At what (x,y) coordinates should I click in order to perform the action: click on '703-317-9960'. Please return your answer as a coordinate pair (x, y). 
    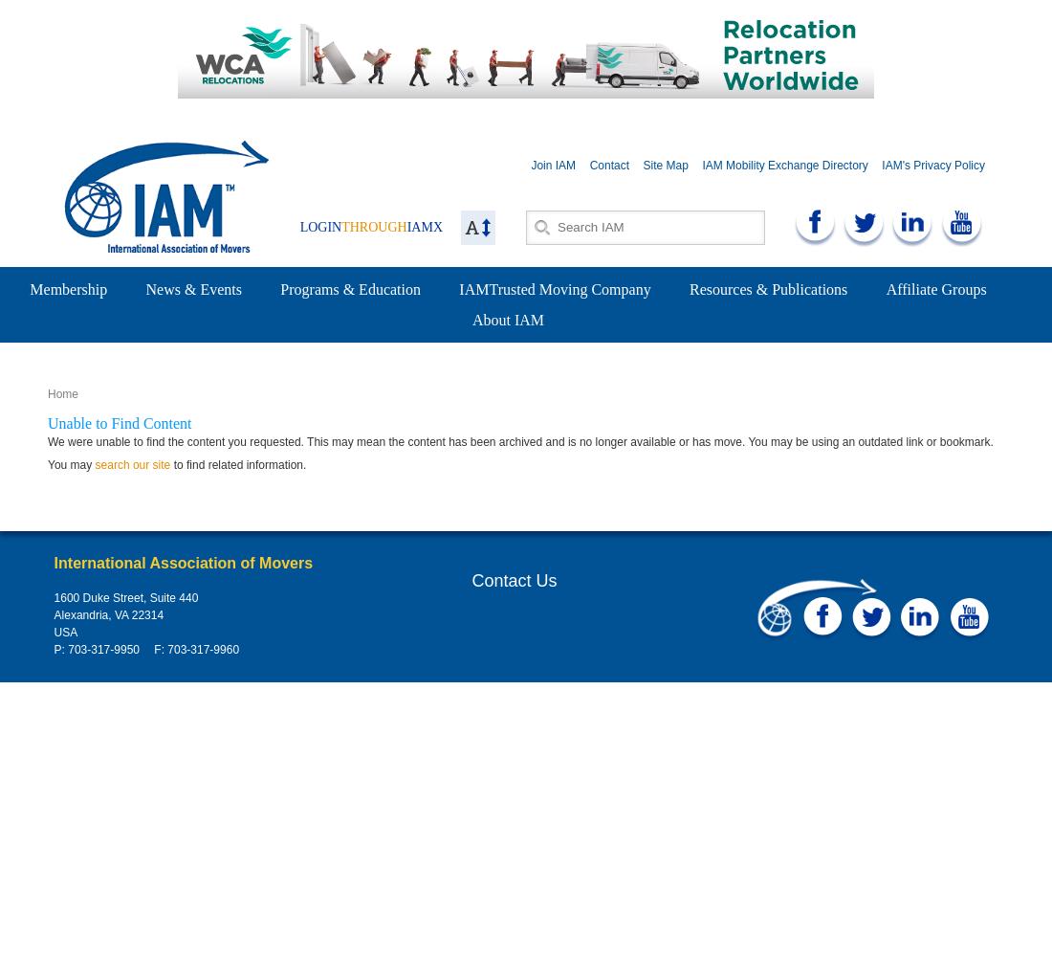
    Looking at the image, I should click on (164, 650).